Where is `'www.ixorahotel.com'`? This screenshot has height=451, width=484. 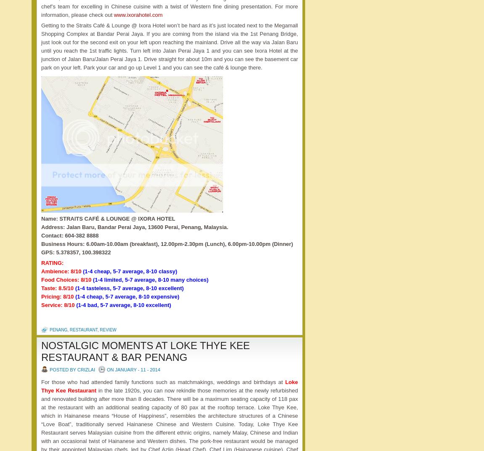 'www.ixorahotel.com' is located at coordinates (138, 14).